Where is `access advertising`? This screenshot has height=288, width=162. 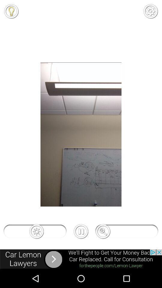 access advertising is located at coordinates (81, 259).